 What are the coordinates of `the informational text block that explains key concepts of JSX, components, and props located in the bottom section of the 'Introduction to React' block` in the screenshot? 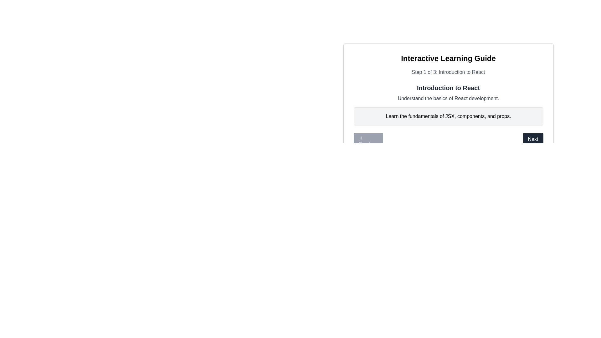 It's located at (448, 116).